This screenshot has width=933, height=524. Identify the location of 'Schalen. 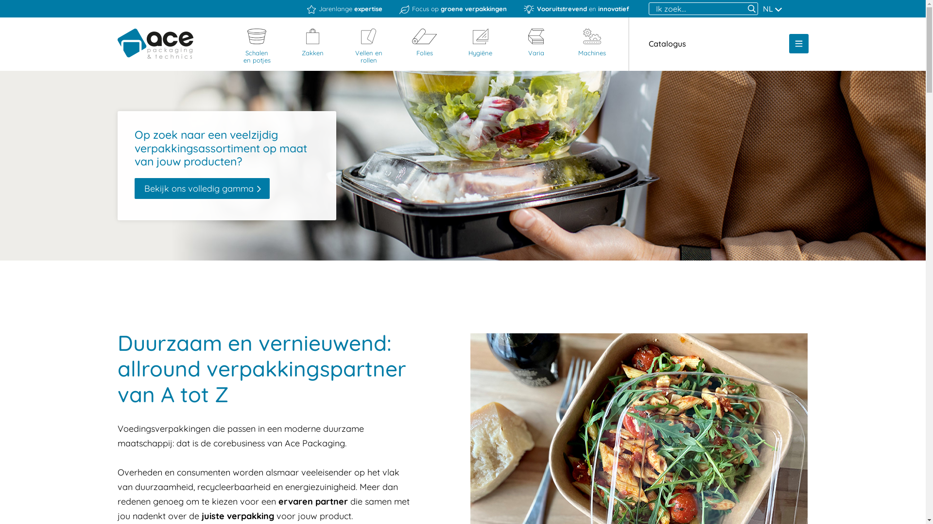
(235, 47).